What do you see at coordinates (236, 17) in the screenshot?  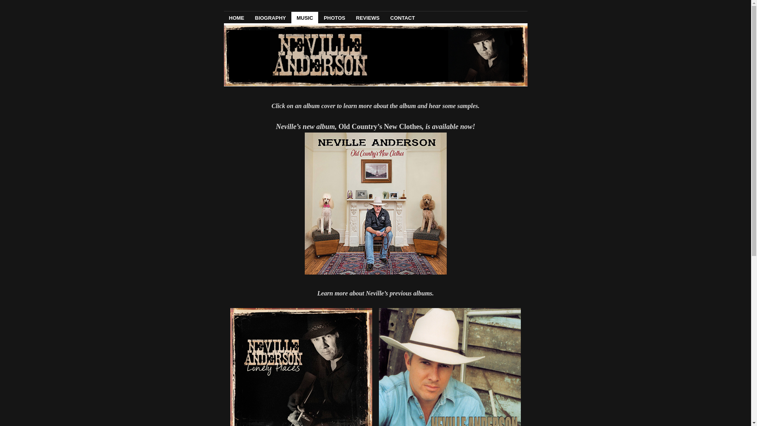 I see `'HOME'` at bounding box center [236, 17].